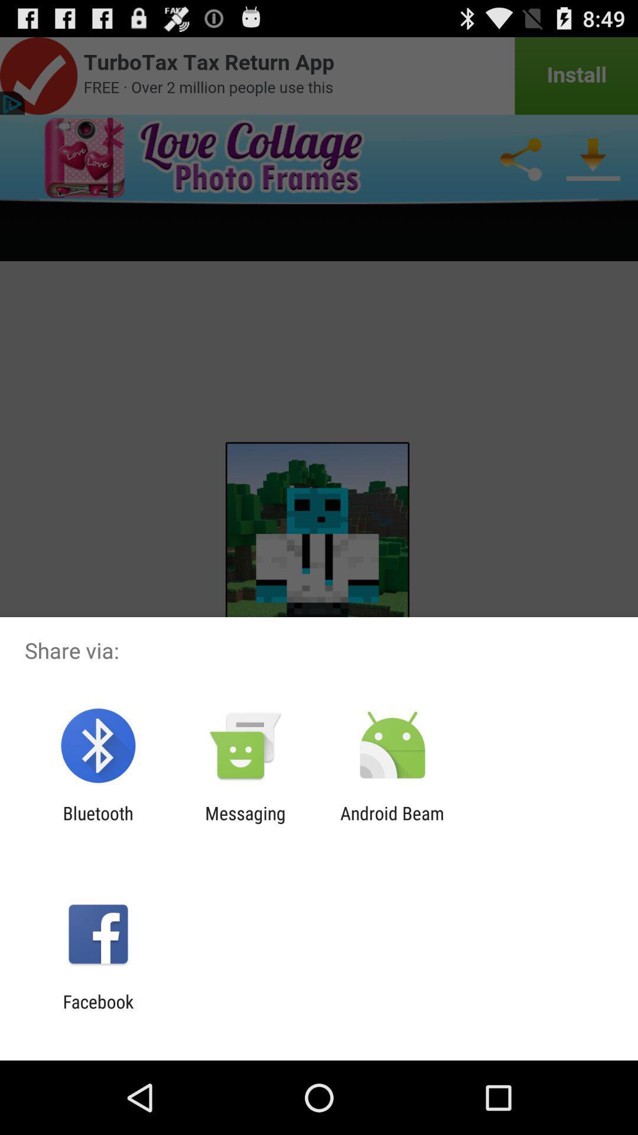 Image resolution: width=638 pixels, height=1135 pixels. What do you see at coordinates (97, 823) in the screenshot?
I see `bluetooth icon` at bounding box center [97, 823].